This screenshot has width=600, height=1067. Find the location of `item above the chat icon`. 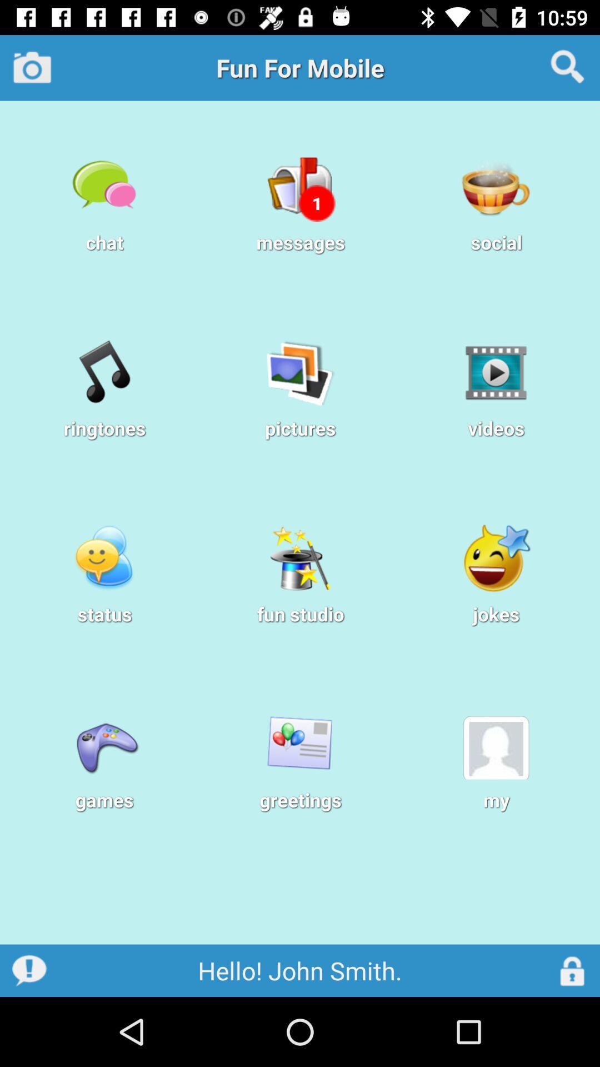

item above the chat icon is located at coordinates (32, 67).